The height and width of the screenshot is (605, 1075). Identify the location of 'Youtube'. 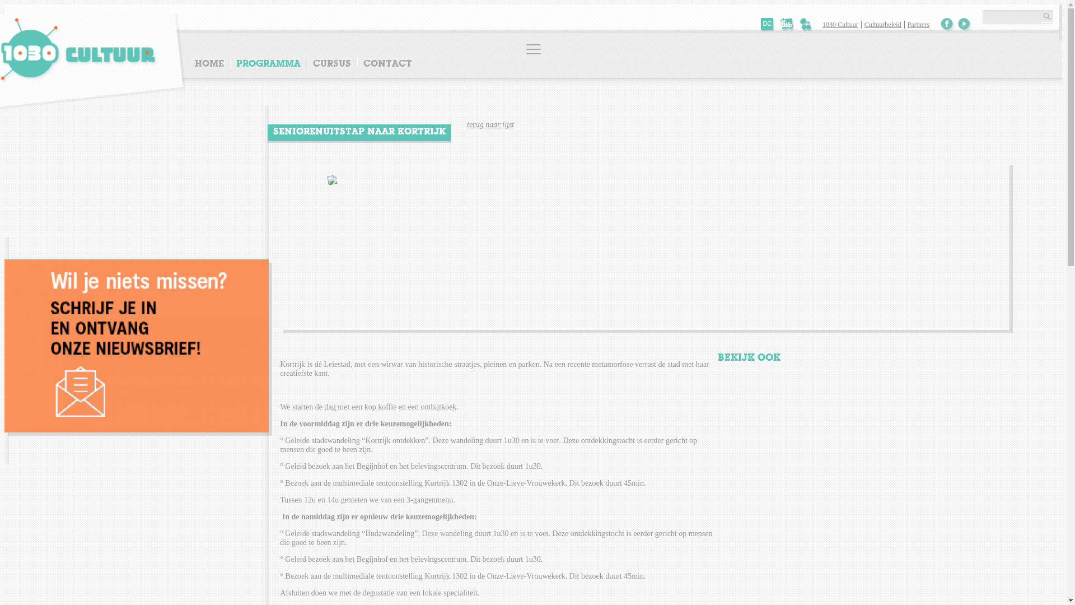
(964, 24).